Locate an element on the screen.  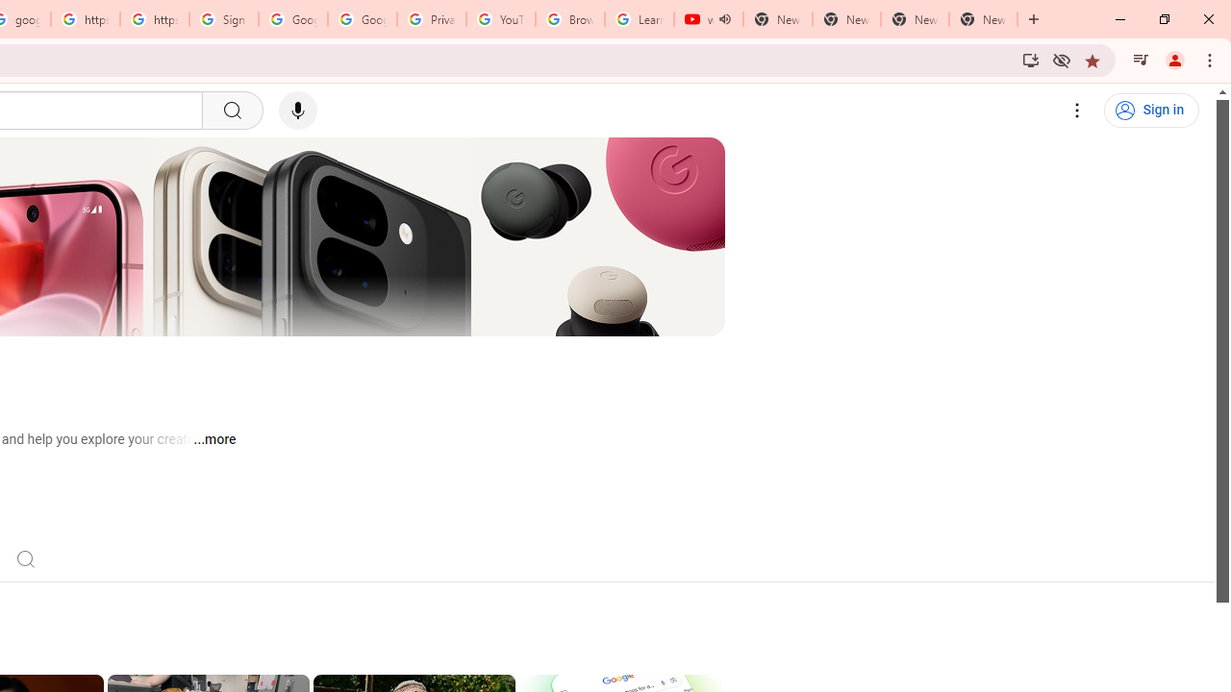
'Chrome' is located at coordinates (1211, 59).